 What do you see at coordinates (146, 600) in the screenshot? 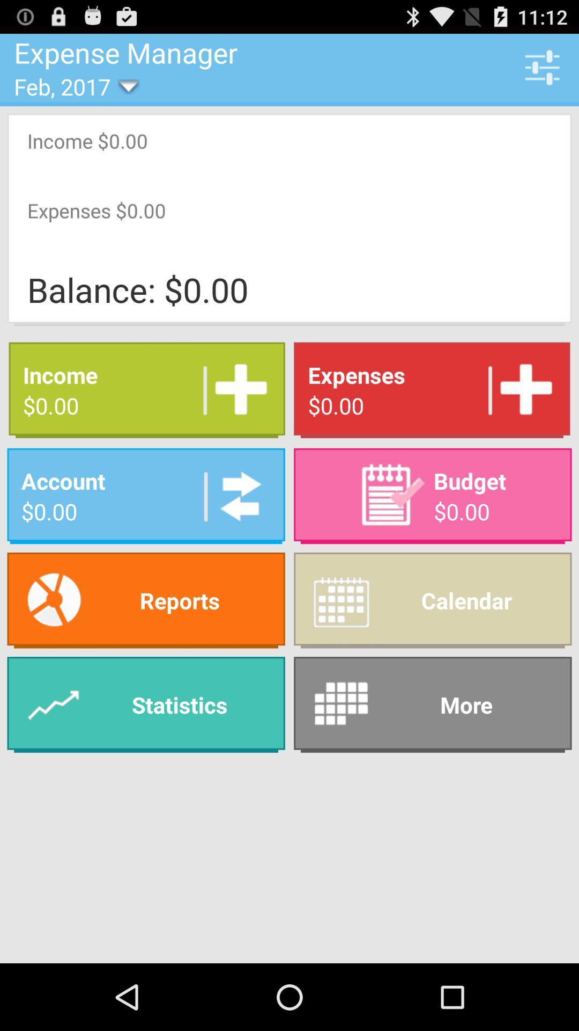
I see `app next to calendar app` at bounding box center [146, 600].